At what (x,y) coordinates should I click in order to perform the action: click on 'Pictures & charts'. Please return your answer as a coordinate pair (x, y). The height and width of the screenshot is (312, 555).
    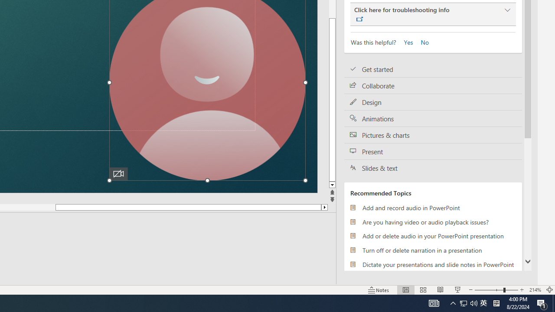
    Looking at the image, I should click on (433, 135).